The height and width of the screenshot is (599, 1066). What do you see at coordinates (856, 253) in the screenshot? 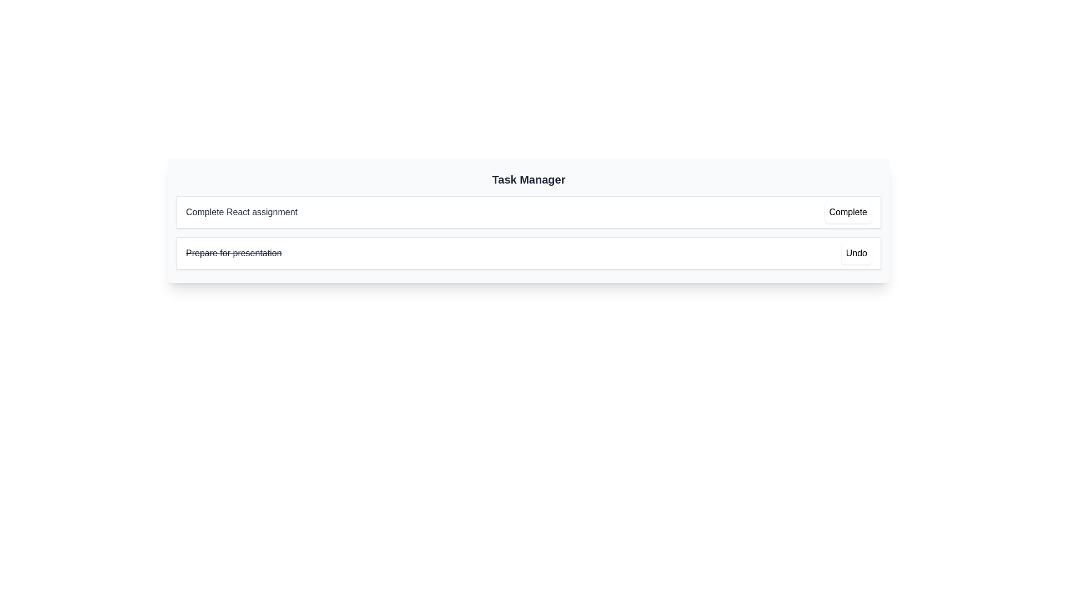
I see `the 'Undo' button` at bounding box center [856, 253].